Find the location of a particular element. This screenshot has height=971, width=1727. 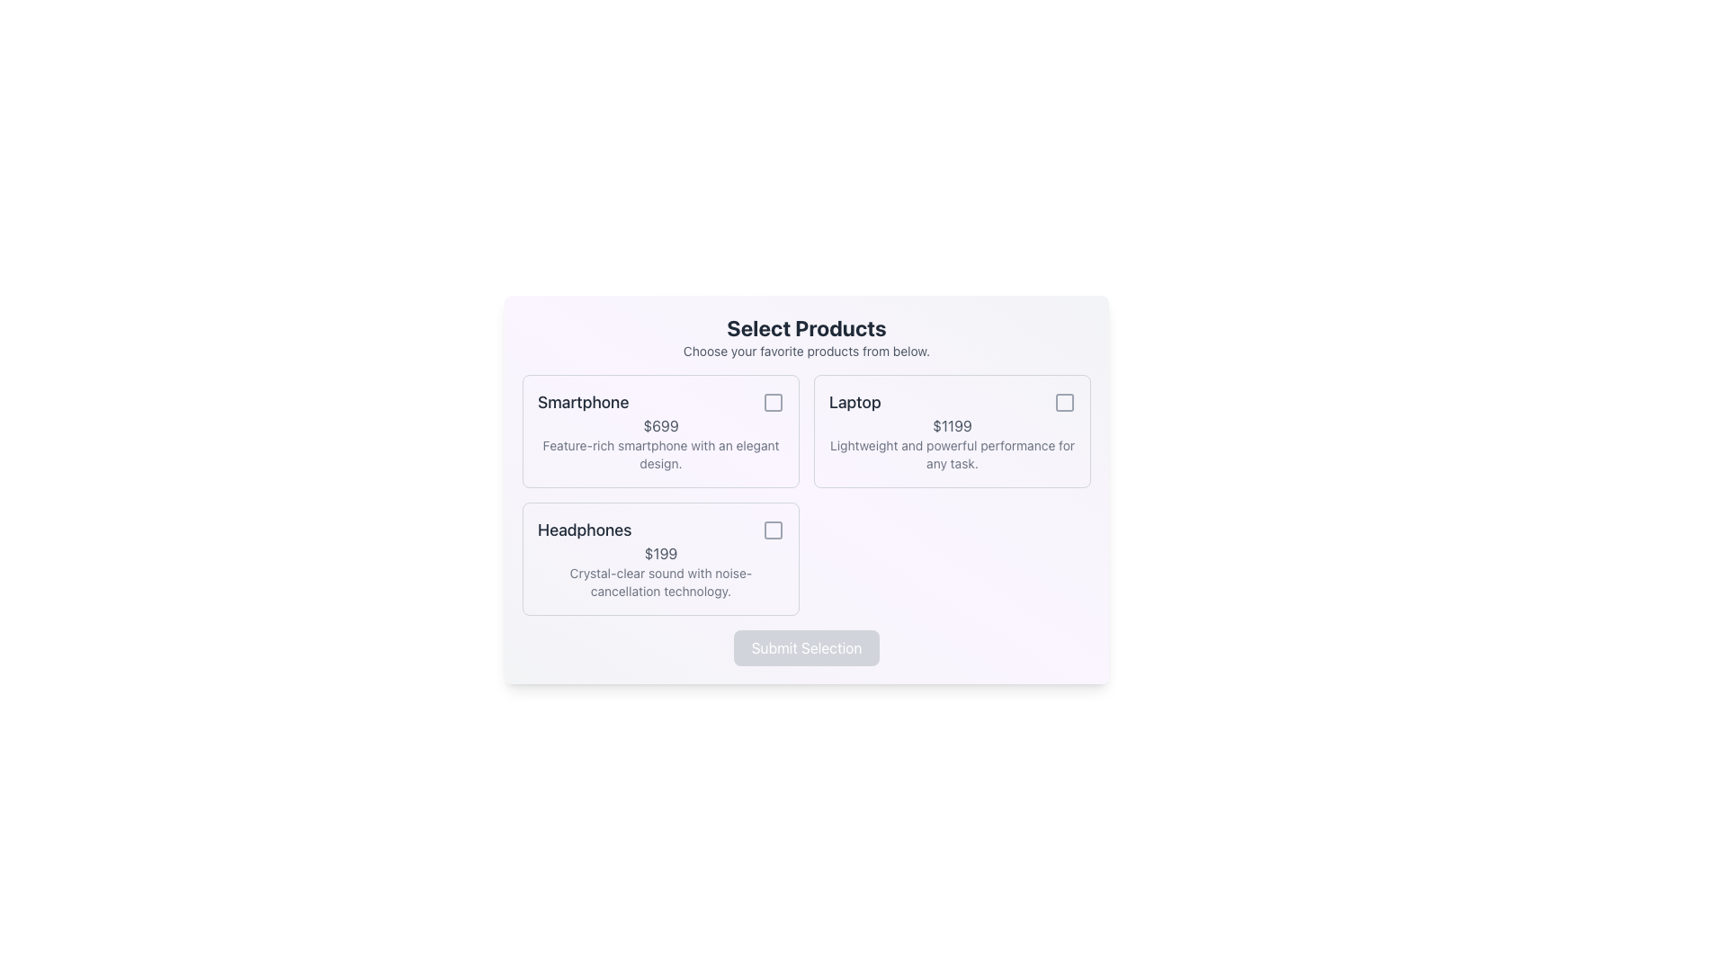

information displayed in the text label that says 'Choose your favorite products from below.' positioned below the heading 'Select Products' is located at coordinates (806, 351).